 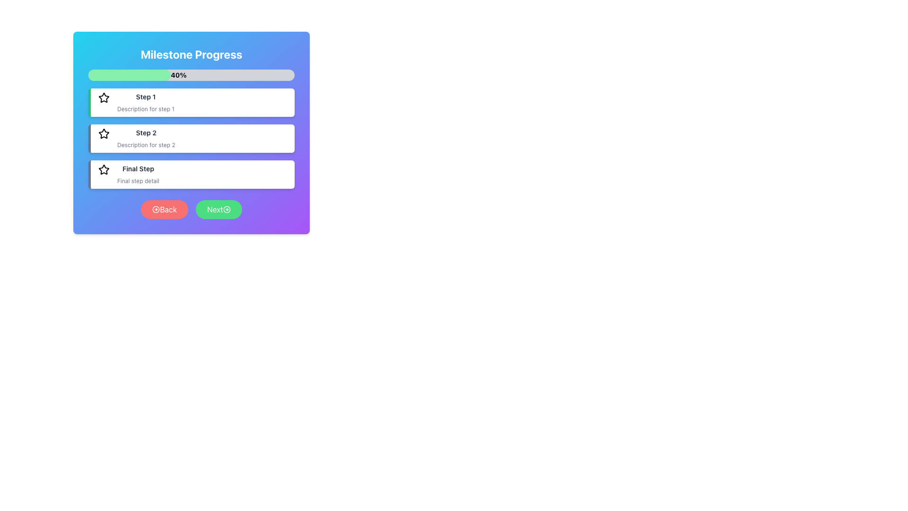 What do you see at coordinates (145, 102) in the screenshot?
I see `the informational text block that describes the first step in a multi-step process, located below the 'Milestone Progress' progress bar and within a bordered white box with a green left border` at bounding box center [145, 102].